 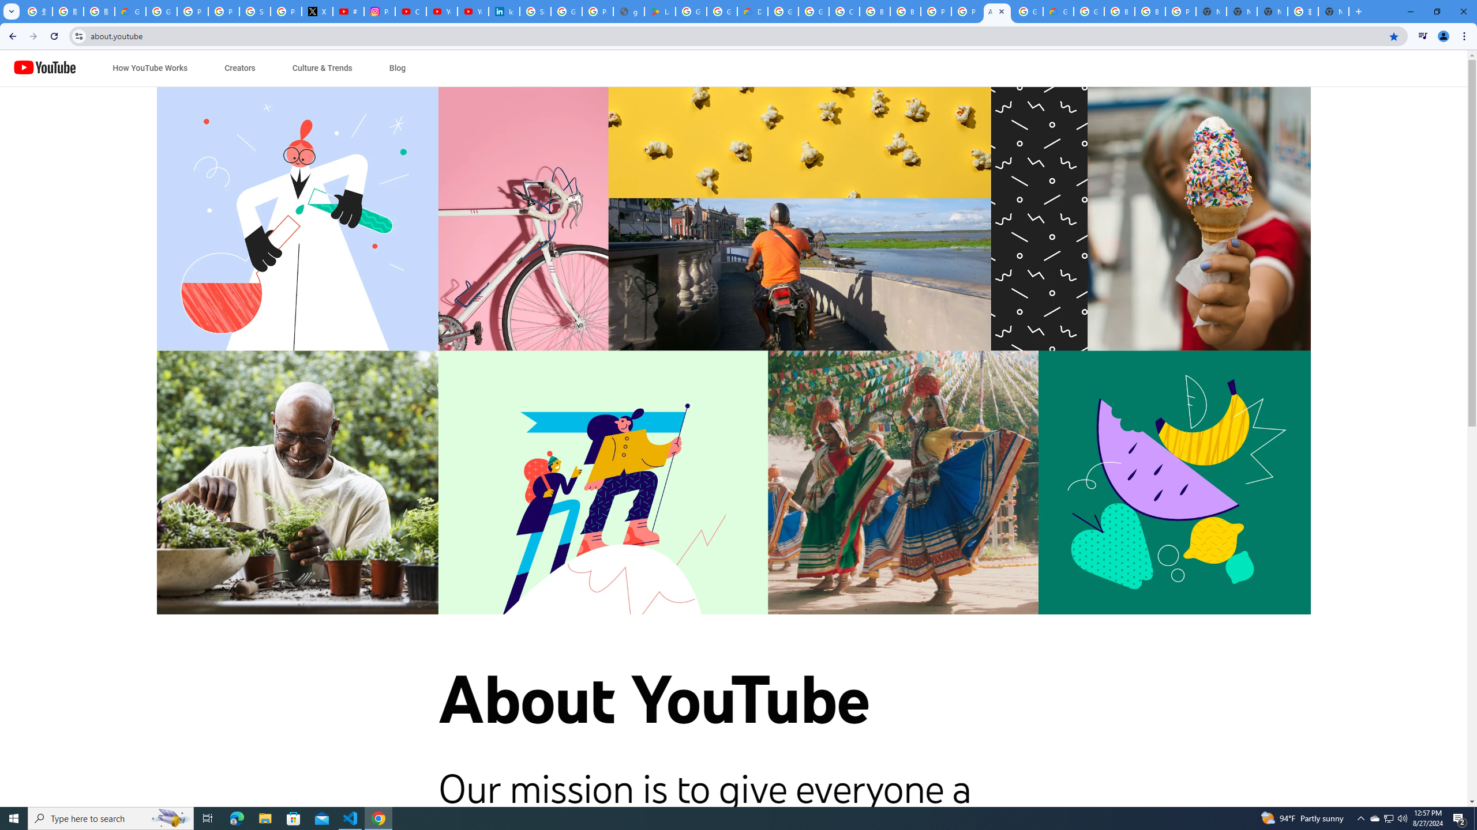 I want to click on 'Google Workspace - Specific Terms', so click(x=722, y=11).